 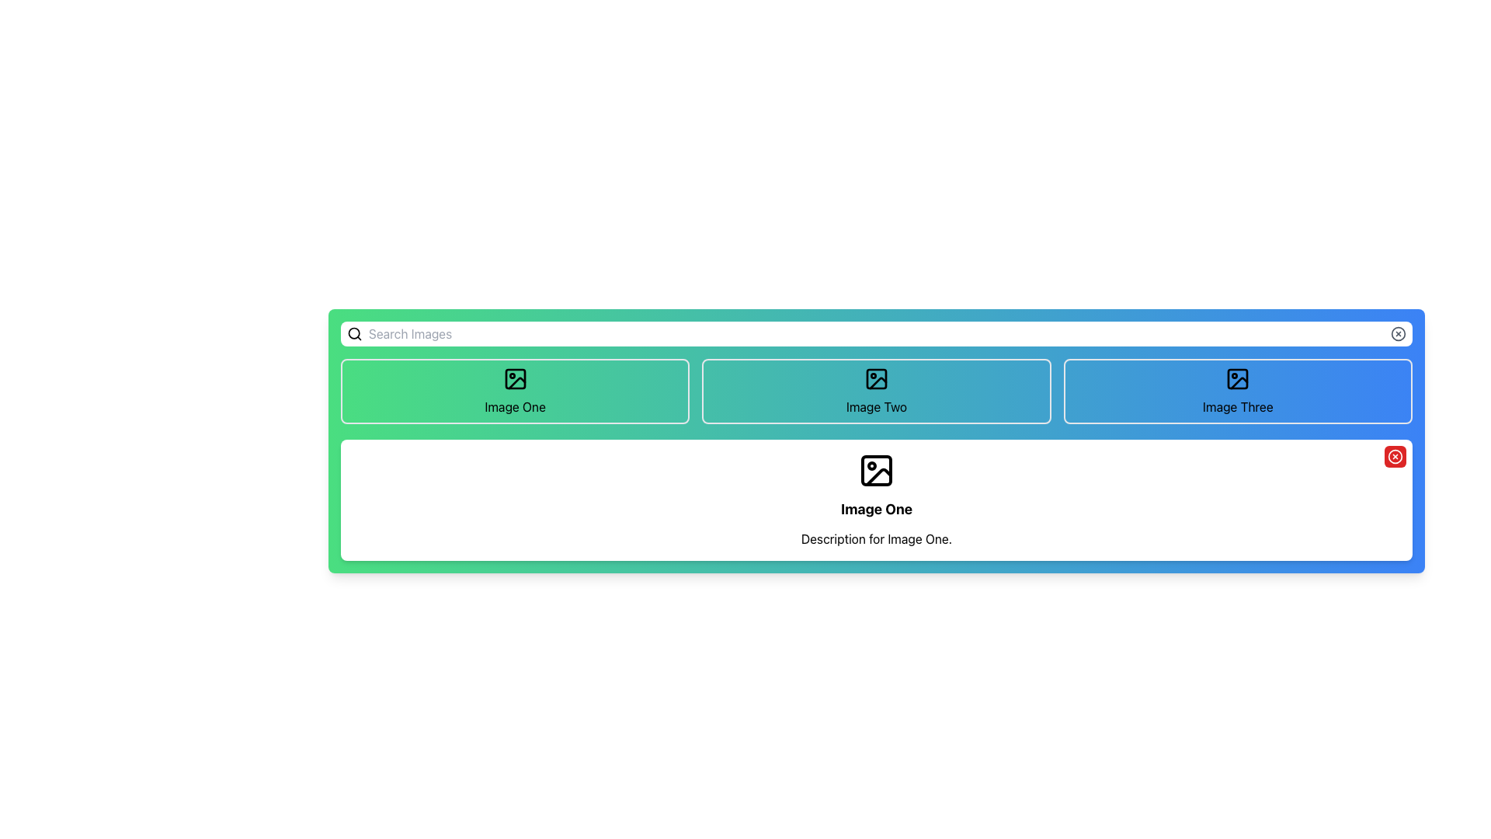 I want to click on the Decorative image icon, which is a vector-style image resembling a sun and mountains, located above the text 'Image One', so click(x=876, y=469).